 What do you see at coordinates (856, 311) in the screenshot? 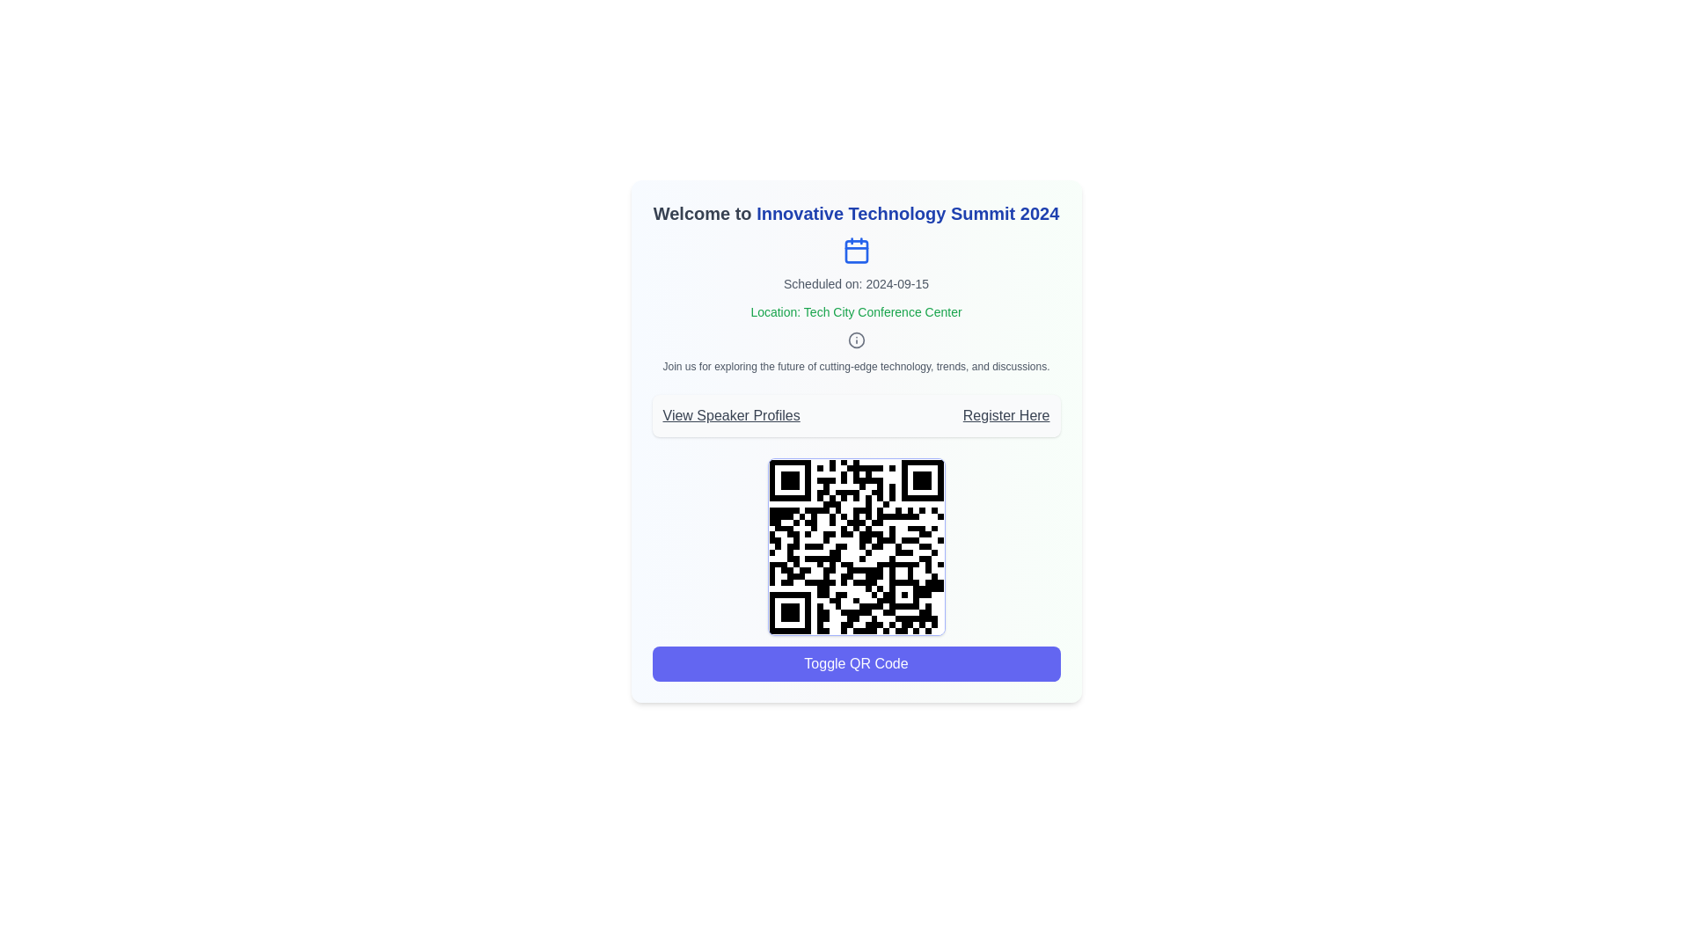
I see `text label that informs the user about the venue of the event, located below the header and date, and above the informational icon` at bounding box center [856, 311].